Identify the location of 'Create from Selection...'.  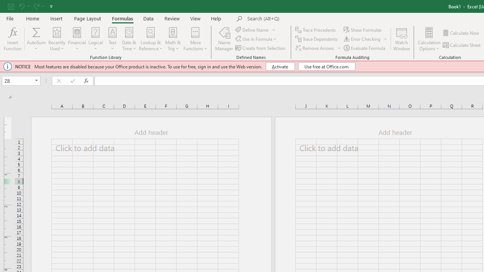
(261, 48).